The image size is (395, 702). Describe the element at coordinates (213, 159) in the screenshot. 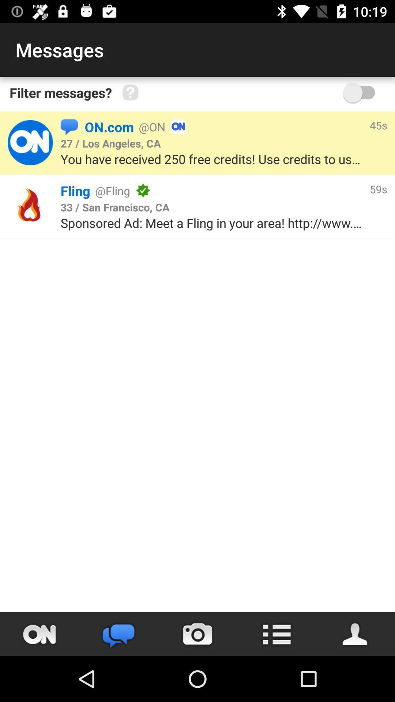

I see `the icon above the fling` at that location.